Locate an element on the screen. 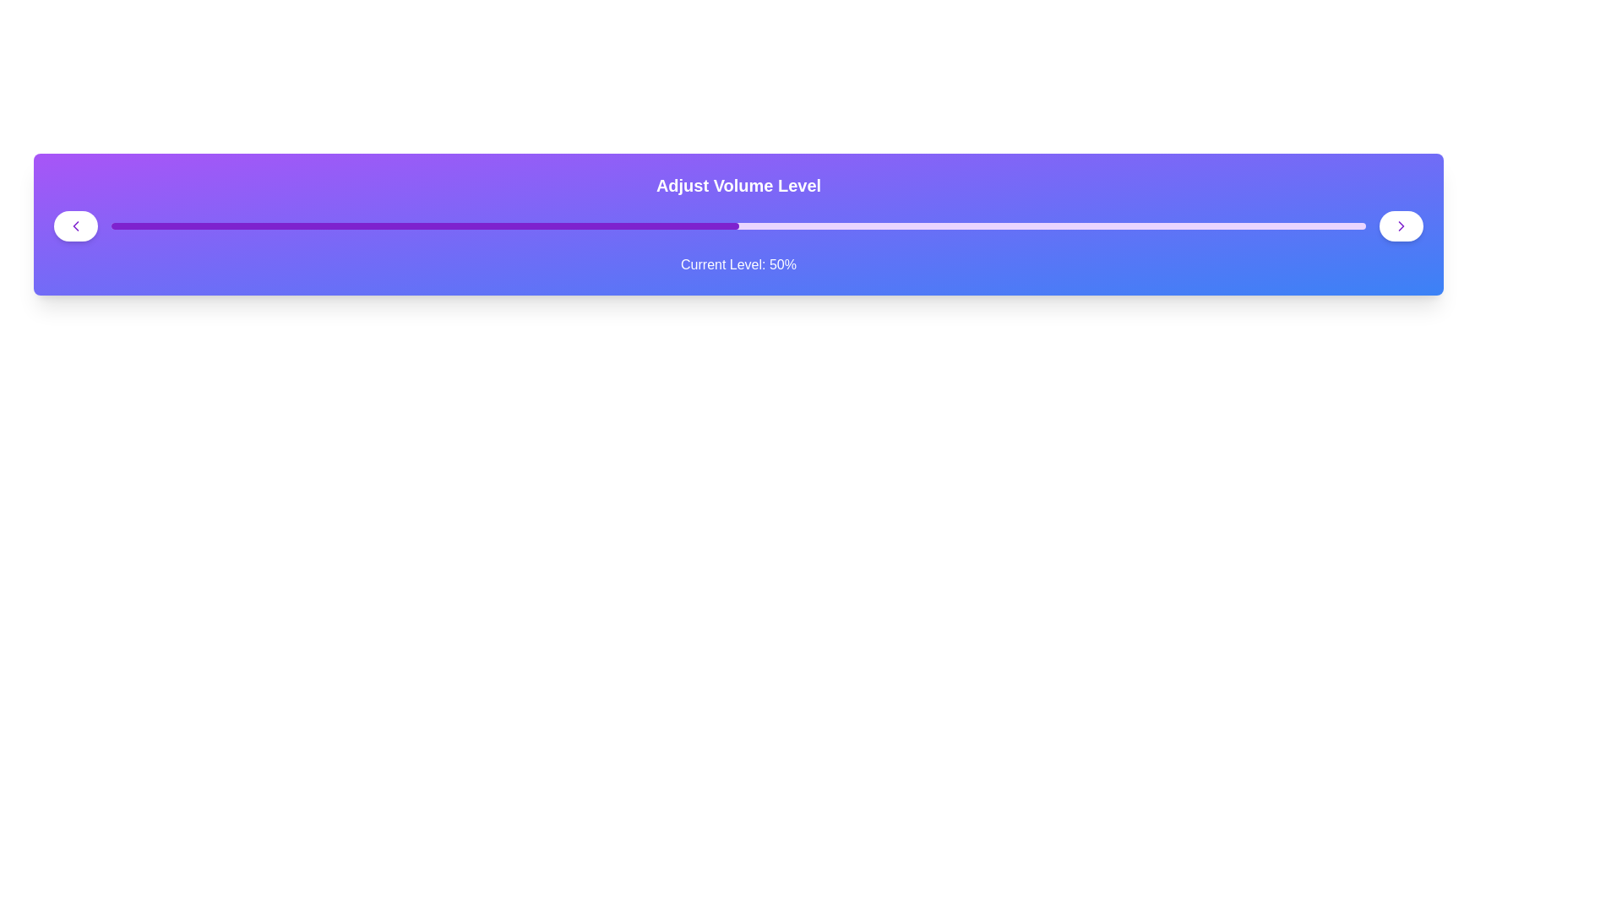 This screenshot has height=912, width=1622. the volume level is located at coordinates (187, 225).